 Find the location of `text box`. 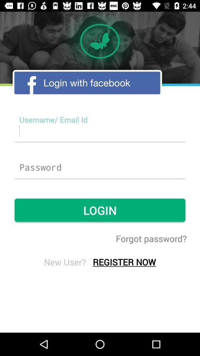

text box is located at coordinates (100, 131).